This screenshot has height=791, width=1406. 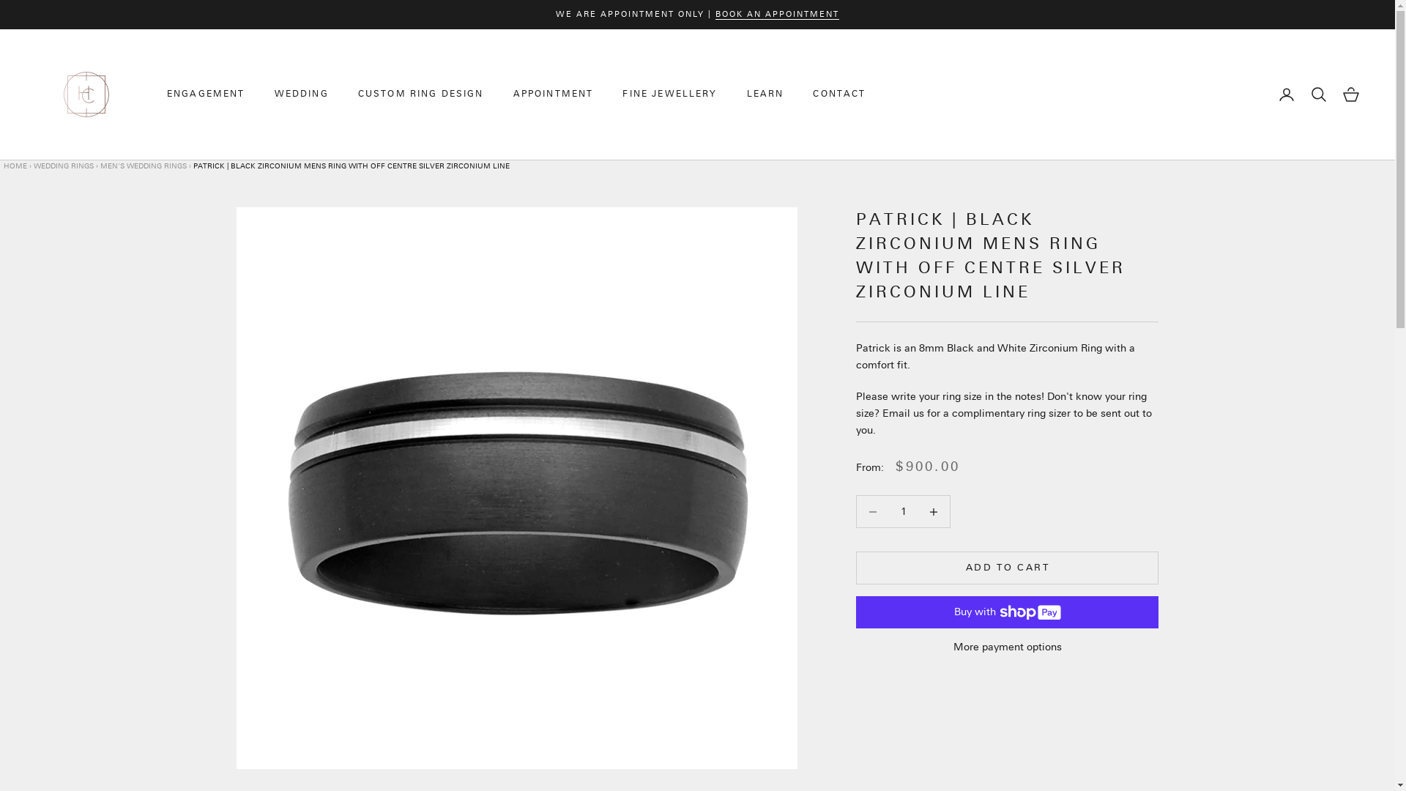 What do you see at coordinates (776, 14) in the screenshot?
I see `'BOOK AN APPOINTMENT'` at bounding box center [776, 14].